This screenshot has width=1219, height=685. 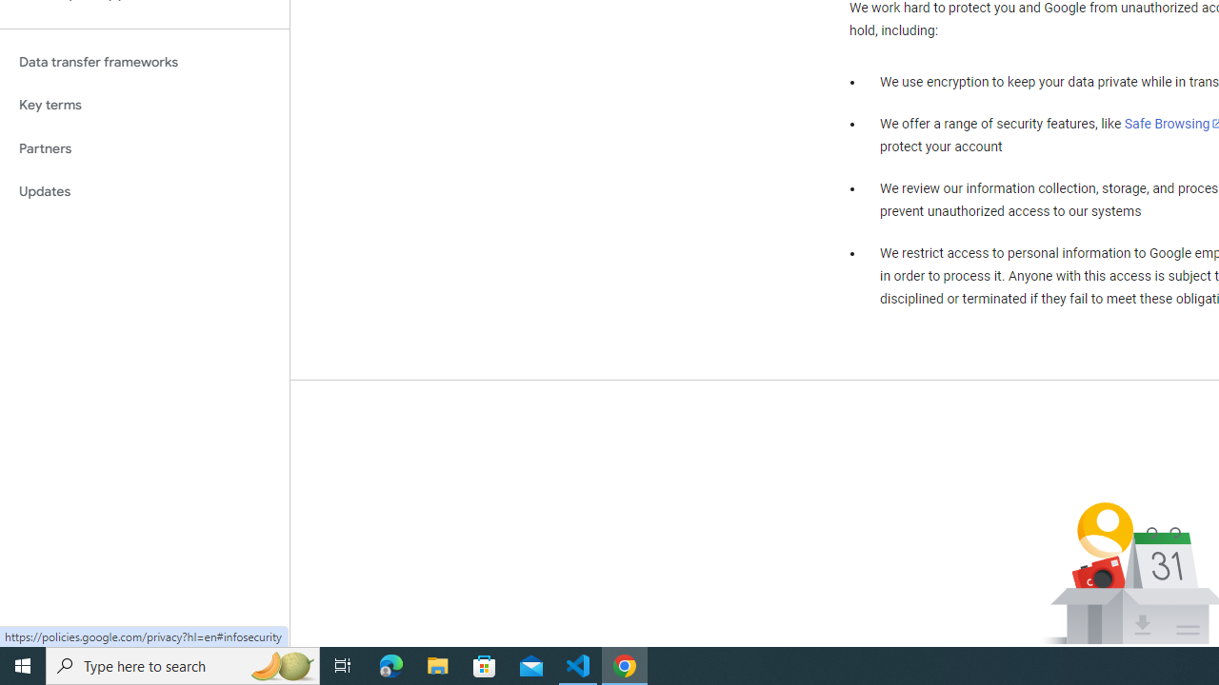 What do you see at coordinates (144, 61) in the screenshot?
I see `'Data transfer frameworks'` at bounding box center [144, 61].